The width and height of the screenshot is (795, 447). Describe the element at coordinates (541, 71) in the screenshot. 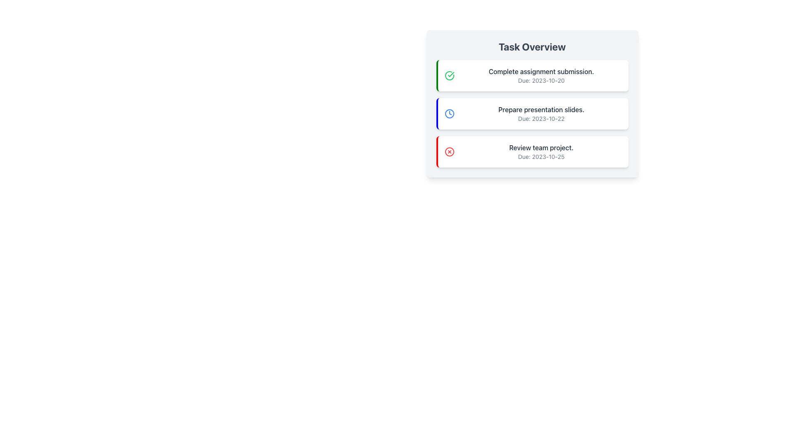

I see `the text label stating 'Complete assignment submission.'` at that location.